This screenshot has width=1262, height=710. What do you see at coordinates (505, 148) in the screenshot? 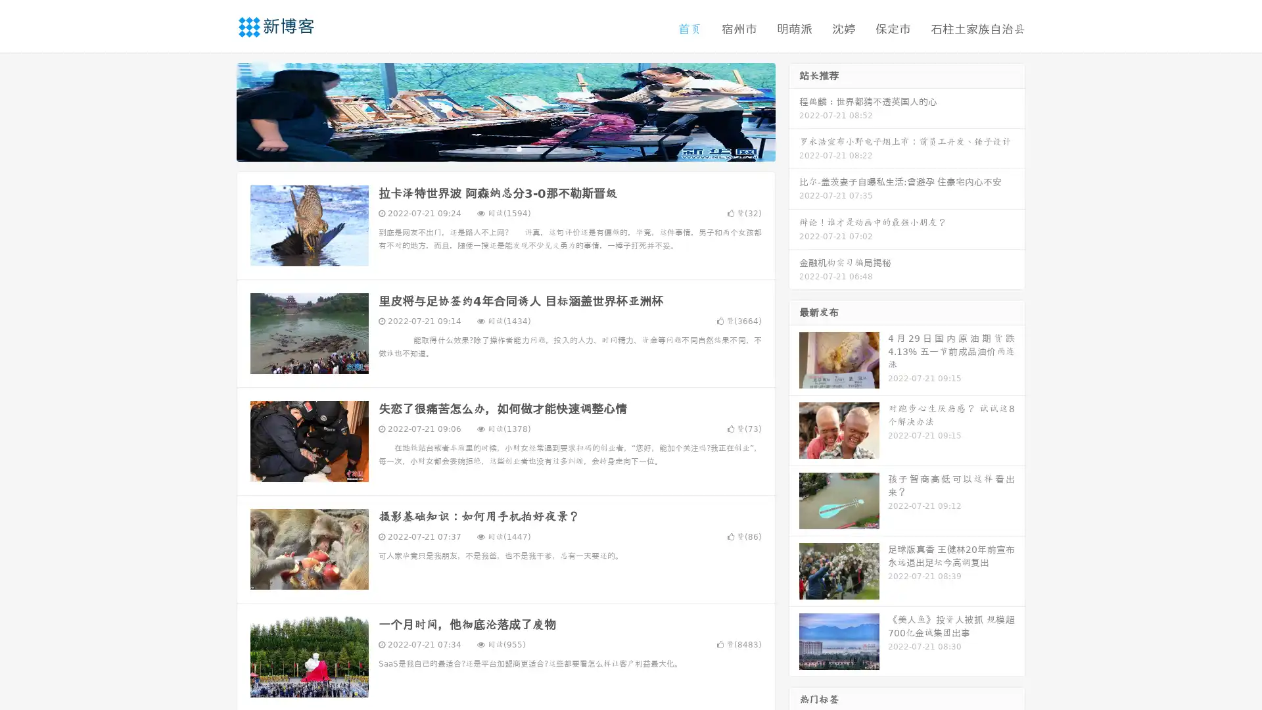
I see `Go to slide 2` at bounding box center [505, 148].